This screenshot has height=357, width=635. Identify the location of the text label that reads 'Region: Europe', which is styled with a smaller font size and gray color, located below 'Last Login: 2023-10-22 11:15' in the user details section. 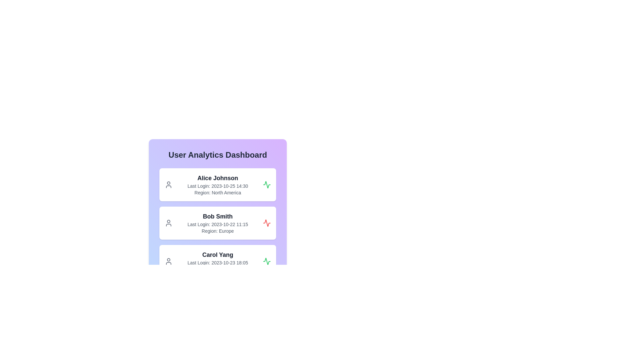
(218, 230).